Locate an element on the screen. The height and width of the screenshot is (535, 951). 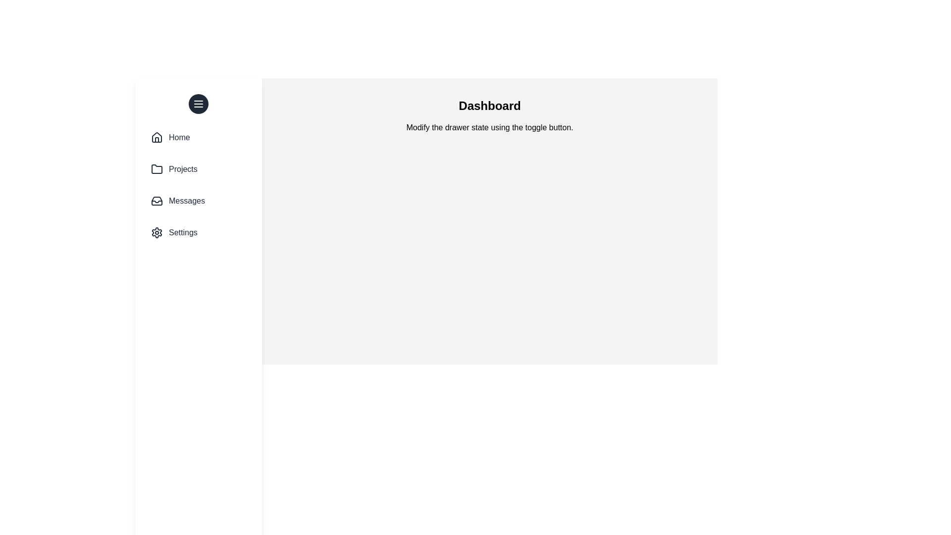
the menu button to toggle the drawer state is located at coordinates (198, 104).